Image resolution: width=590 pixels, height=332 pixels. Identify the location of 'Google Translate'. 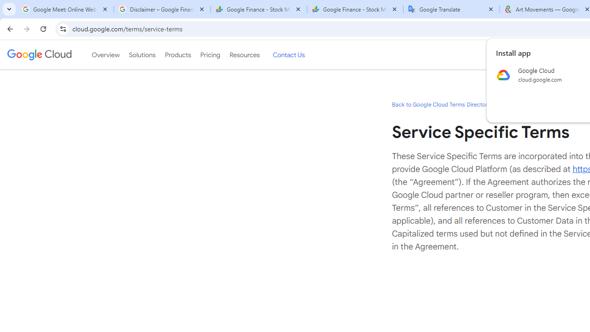
(451, 9).